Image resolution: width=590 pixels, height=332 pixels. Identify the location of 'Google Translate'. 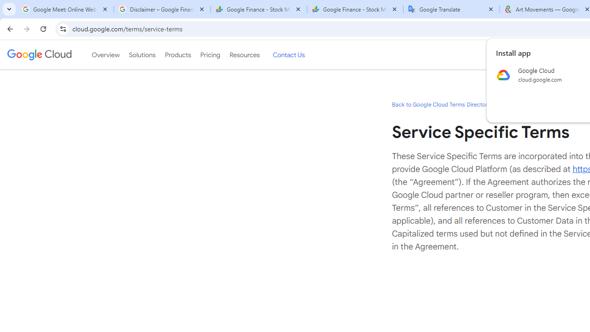
(451, 9).